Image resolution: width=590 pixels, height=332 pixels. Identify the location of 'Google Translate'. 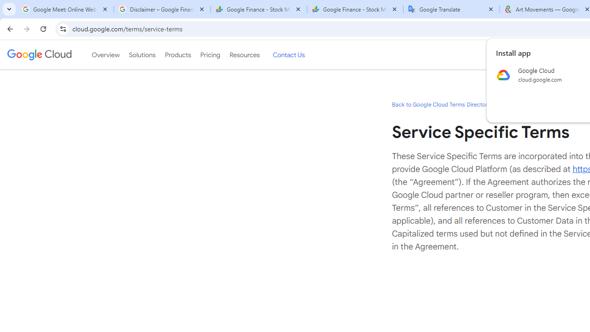
(451, 9).